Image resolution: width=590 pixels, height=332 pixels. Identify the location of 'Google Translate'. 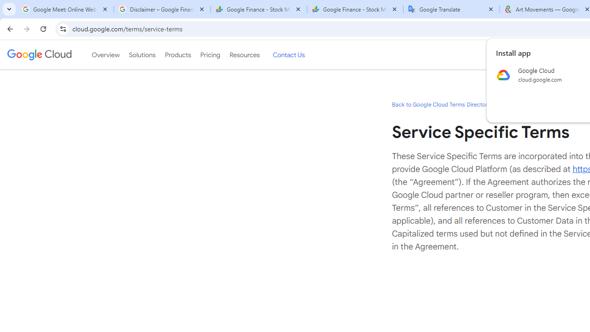
(451, 9).